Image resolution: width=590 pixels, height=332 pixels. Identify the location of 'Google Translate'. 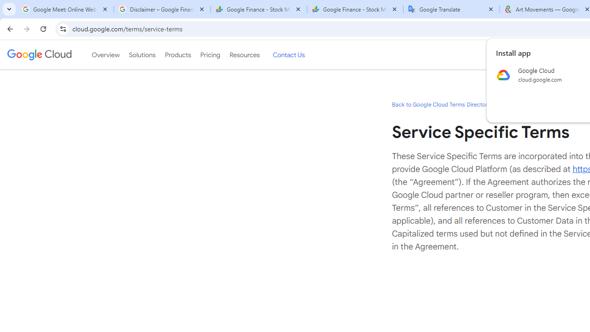
(451, 9).